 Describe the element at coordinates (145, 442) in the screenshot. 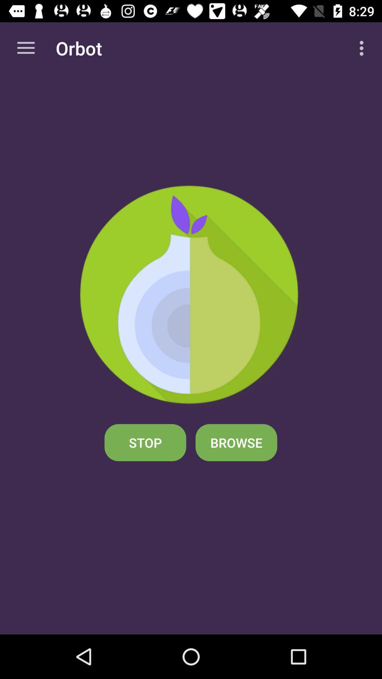

I see `the stop` at that location.